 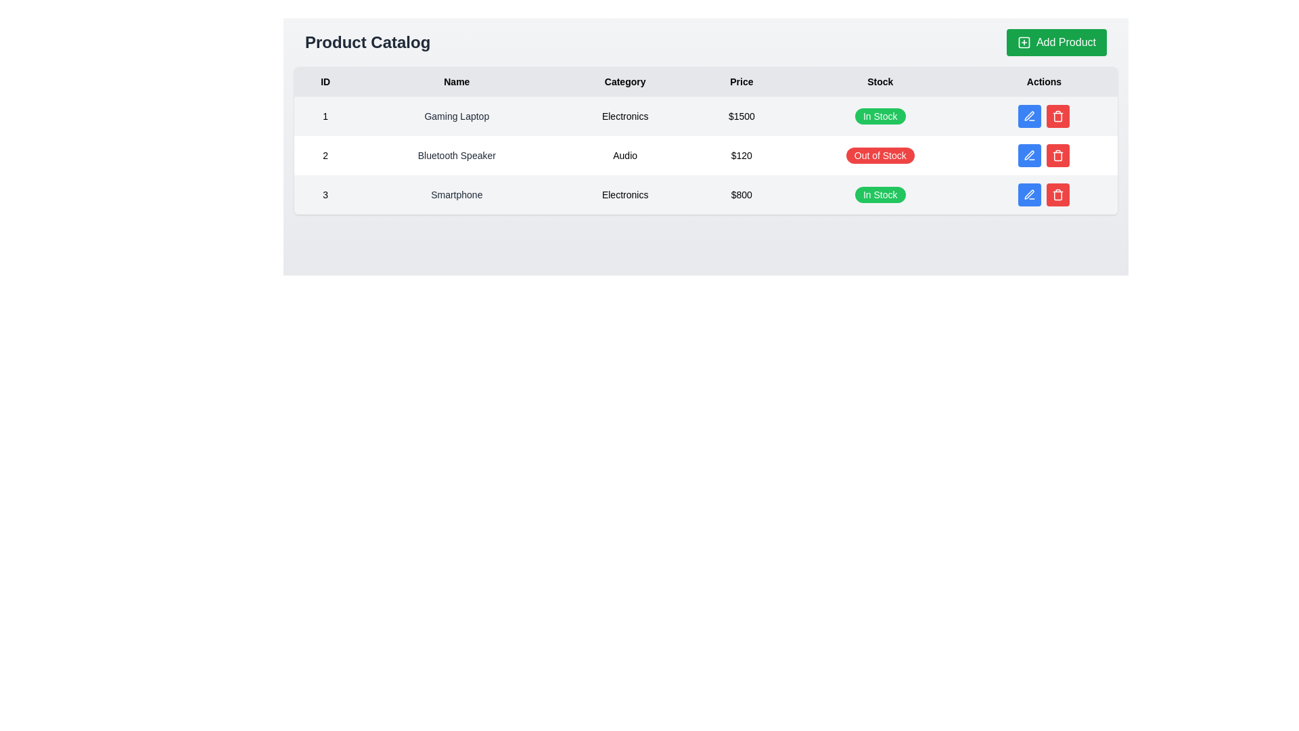 What do you see at coordinates (1057, 195) in the screenshot?
I see `the delete button located in the 'Actions' column of the last row of the table, which is the second button to the right of a blue pen icon button` at bounding box center [1057, 195].